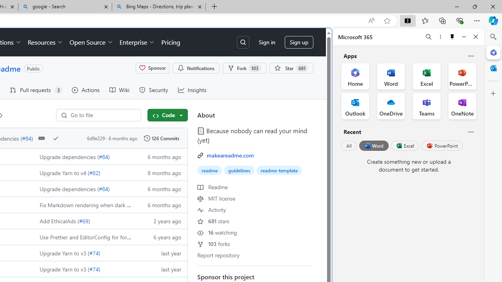  I want to click on 'Fork 103', so click(244, 67).